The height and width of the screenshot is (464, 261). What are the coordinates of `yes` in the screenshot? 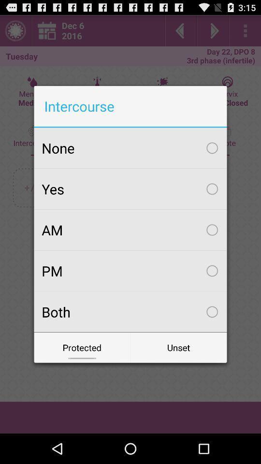 It's located at (130, 188).